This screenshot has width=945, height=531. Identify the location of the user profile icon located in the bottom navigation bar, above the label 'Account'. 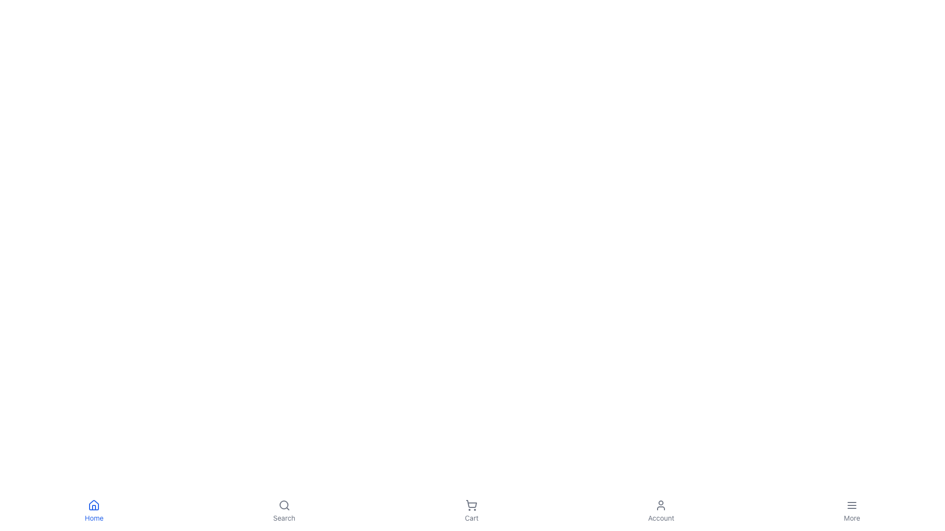
(661, 505).